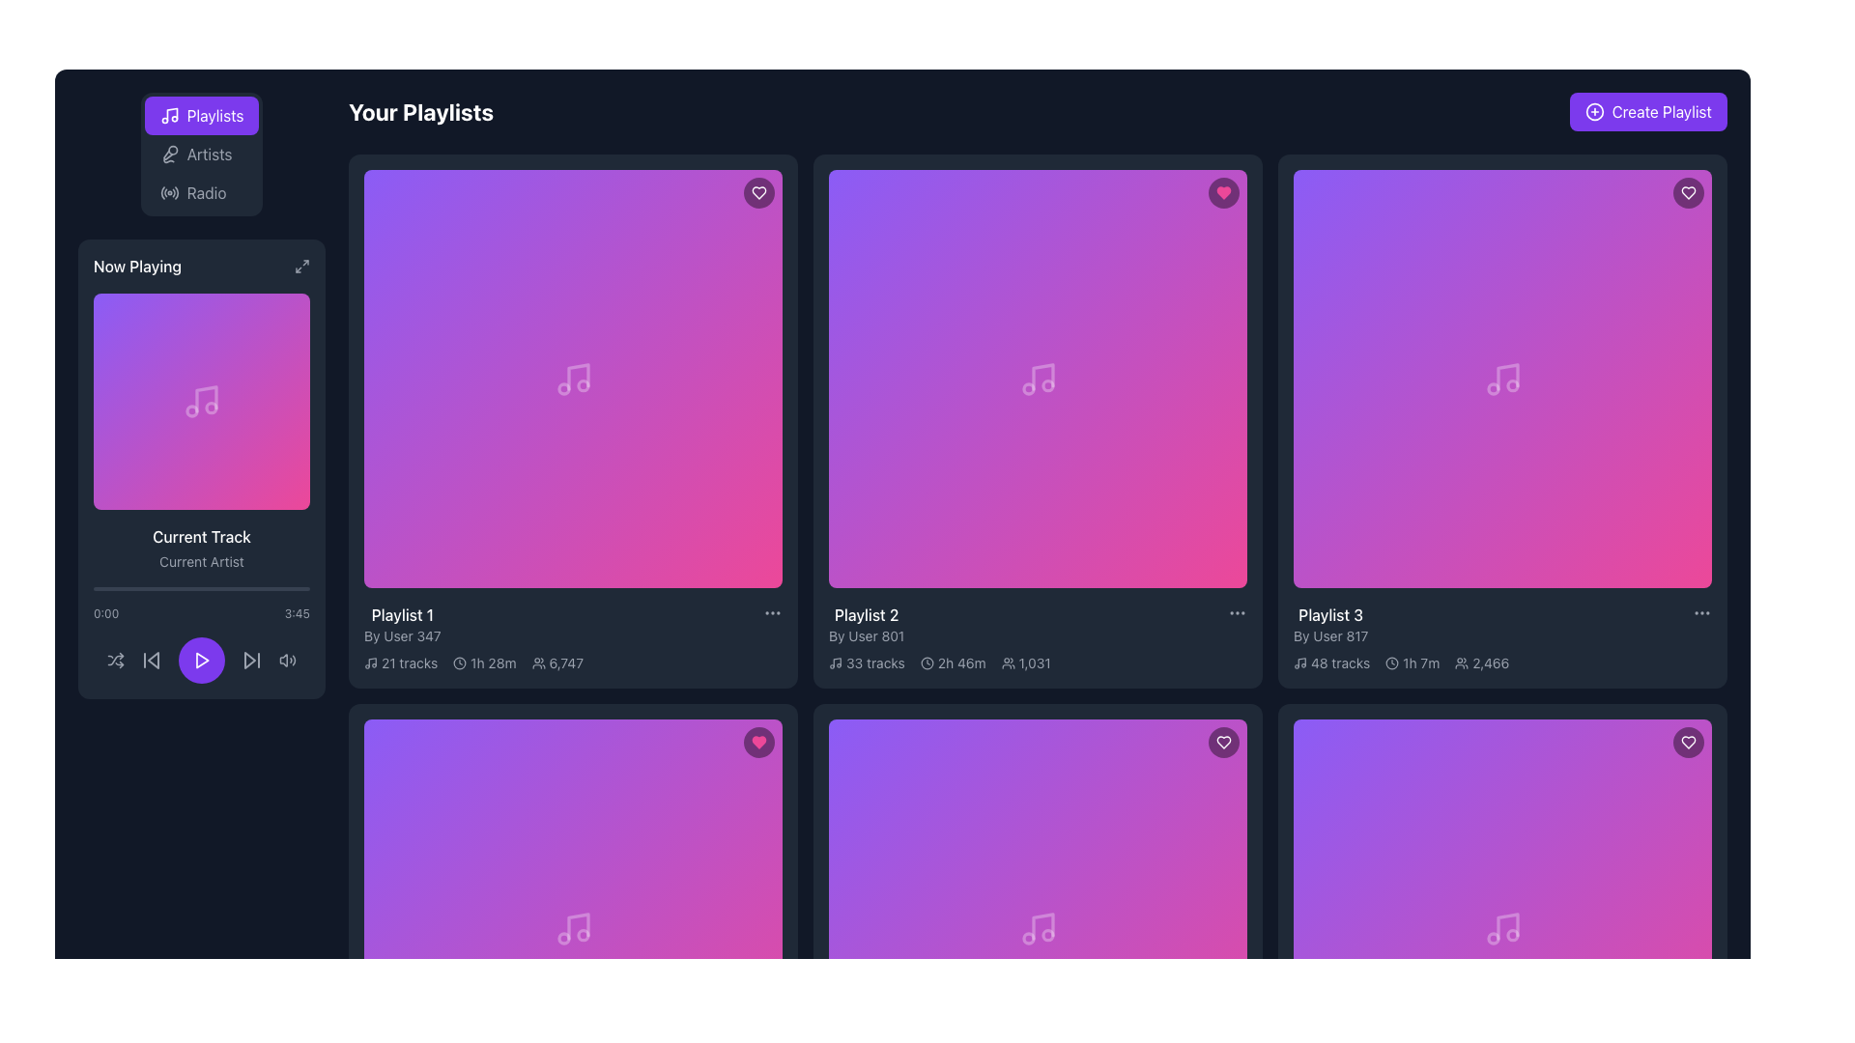 Image resolution: width=1855 pixels, height=1043 pixels. I want to click on the heart-shaped icon button in the top-right corner of Playlist 3, so click(1687, 193).